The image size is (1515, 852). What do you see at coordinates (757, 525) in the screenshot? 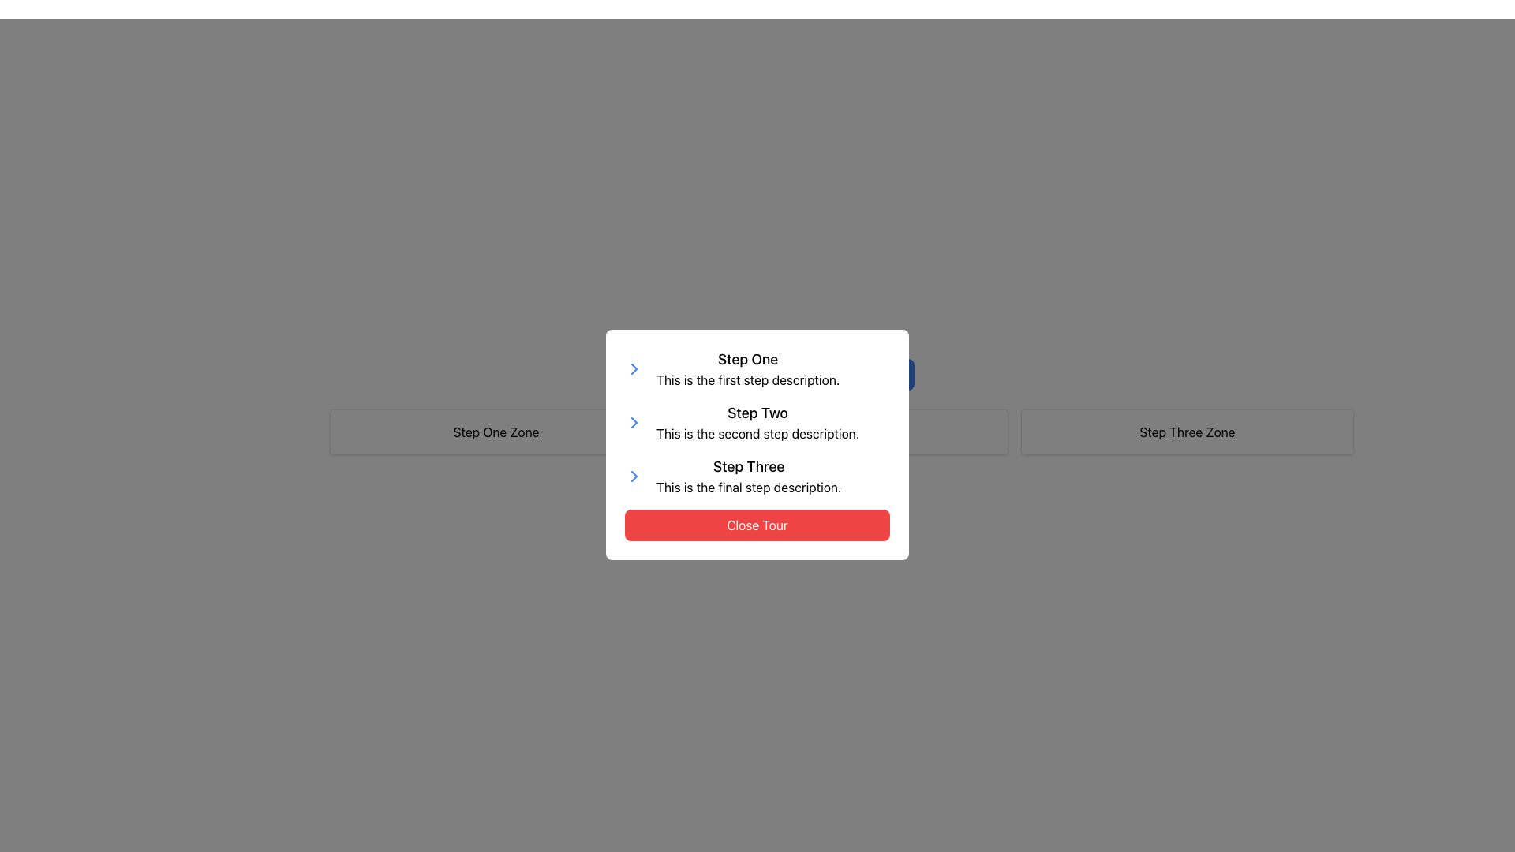
I see `the close button located at the bottom of the tour modal` at bounding box center [757, 525].